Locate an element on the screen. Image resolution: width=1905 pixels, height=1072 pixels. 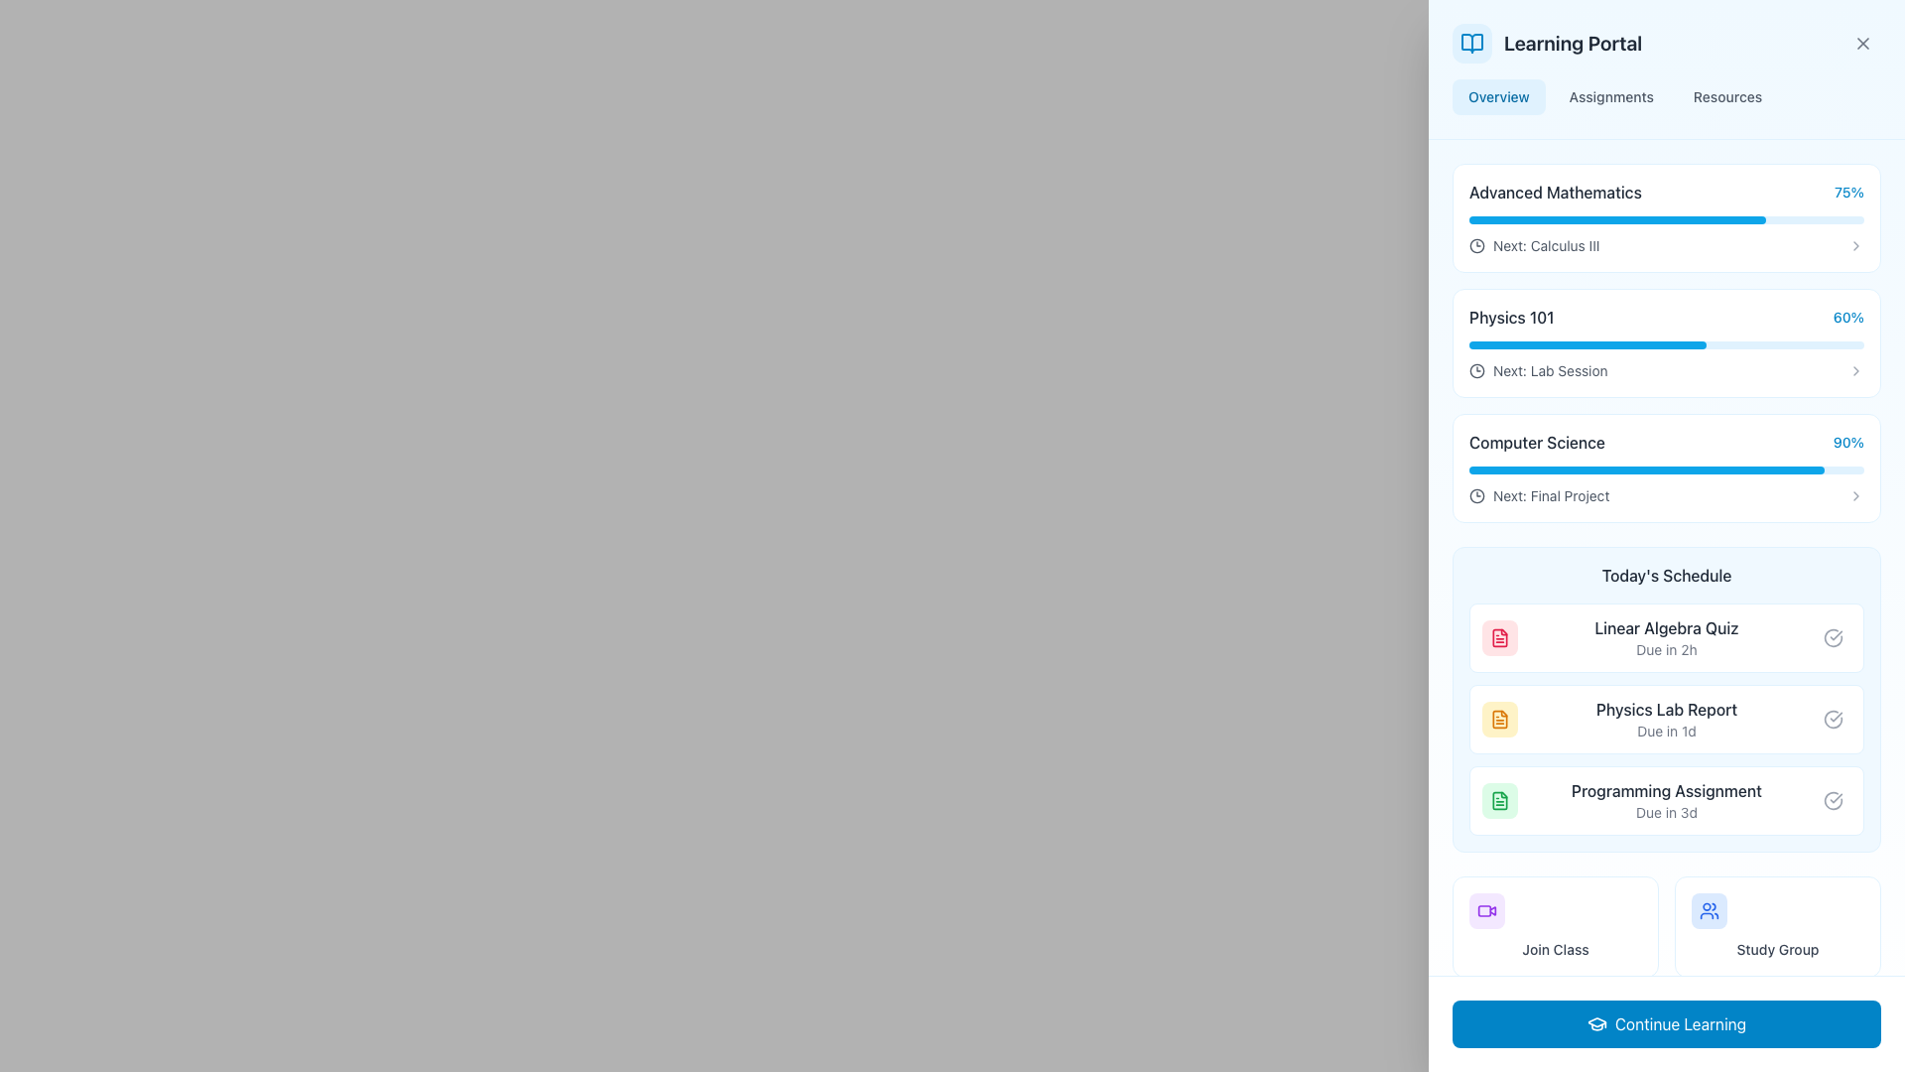
the close button located near the top-right corner of the interface is located at coordinates (1861, 43).